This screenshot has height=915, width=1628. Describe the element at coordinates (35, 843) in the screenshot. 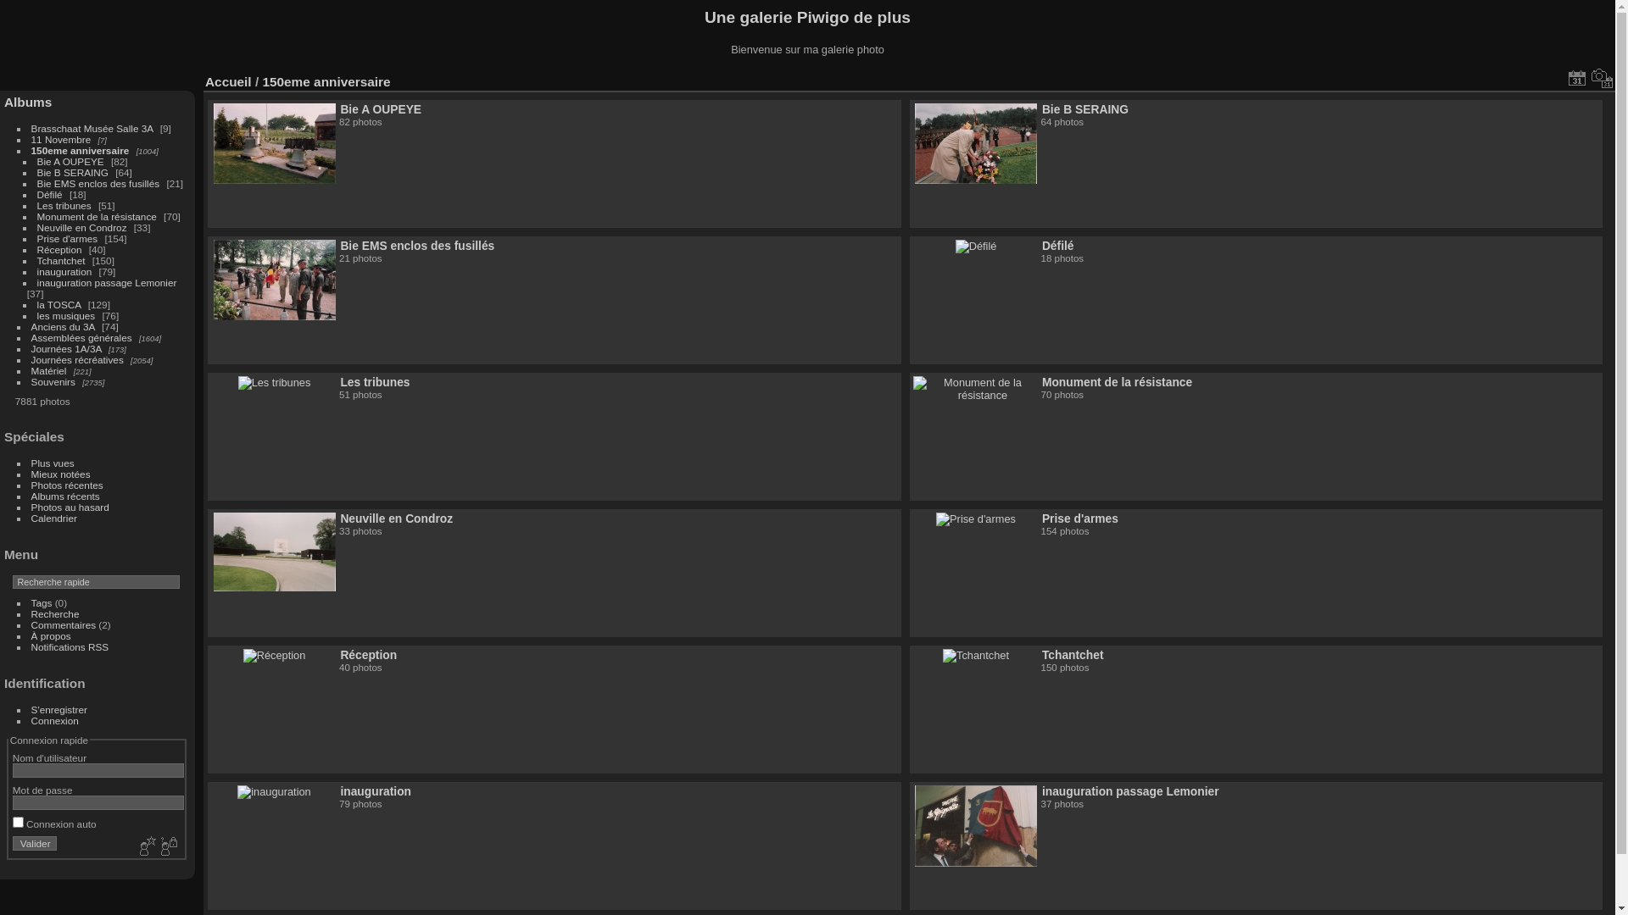

I see `'Valider'` at that location.